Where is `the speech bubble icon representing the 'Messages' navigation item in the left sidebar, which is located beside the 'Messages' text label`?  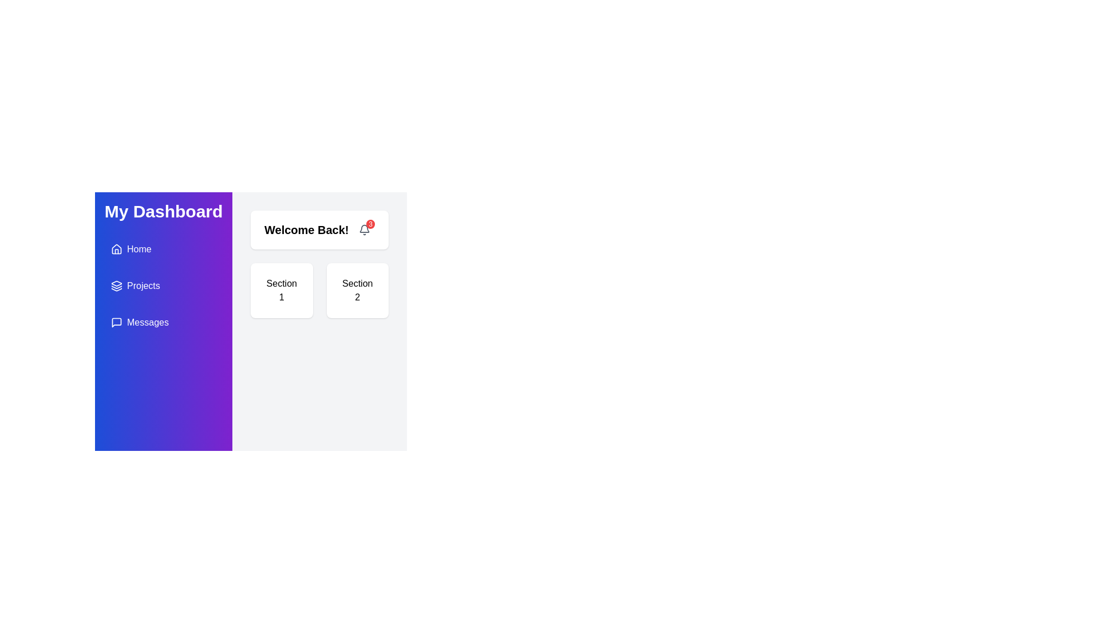
the speech bubble icon representing the 'Messages' navigation item in the left sidebar, which is located beside the 'Messages' text label is located at coordinates (116, 322).